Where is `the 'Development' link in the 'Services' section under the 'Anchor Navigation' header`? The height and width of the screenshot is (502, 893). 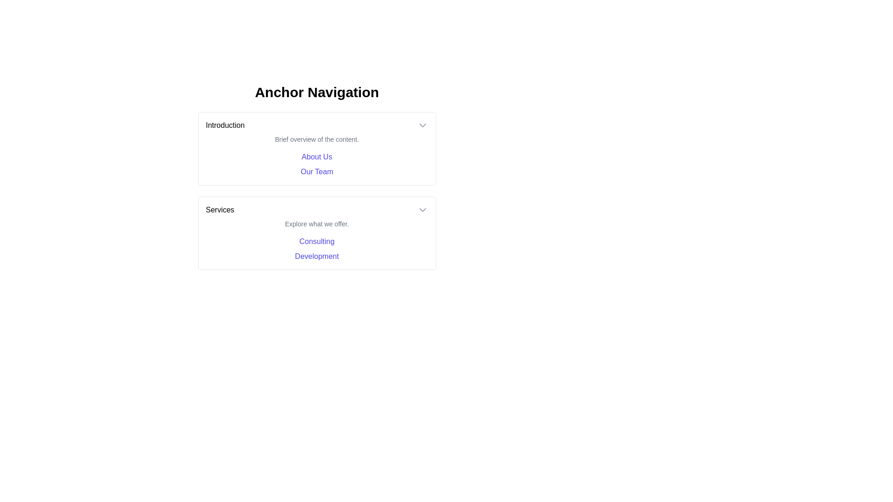
the 'Development' link in the 'Services' section under the 'Anchor Navigation' header is located at coordinates (317, 256).